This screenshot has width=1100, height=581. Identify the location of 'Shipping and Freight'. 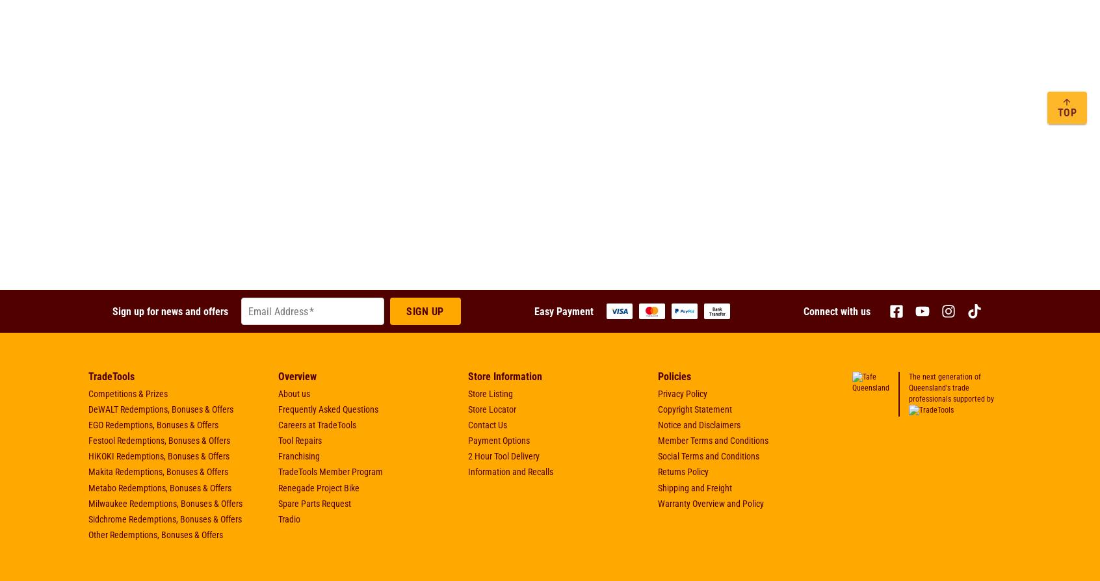
(695, 486).